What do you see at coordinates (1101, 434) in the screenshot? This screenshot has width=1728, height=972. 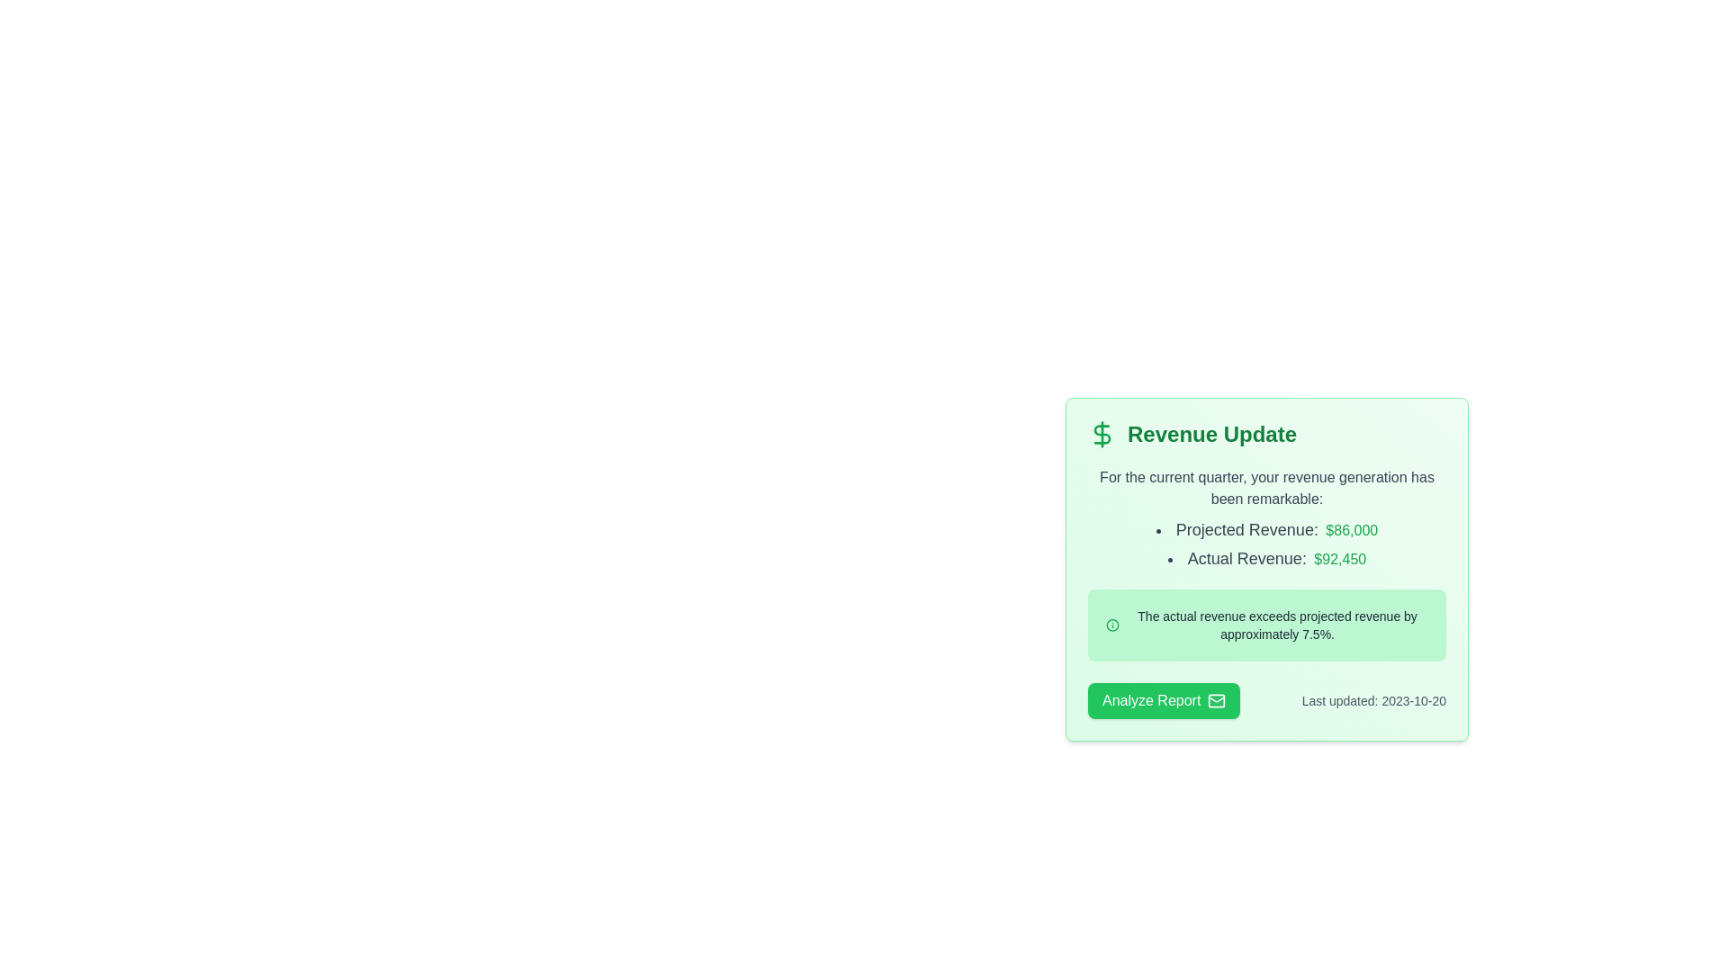 I see `the financial information icon located in the top-left corner of the 'Revenue Update' panel, positioned directly to the left of the text header` at bounding box center [1101, 434].